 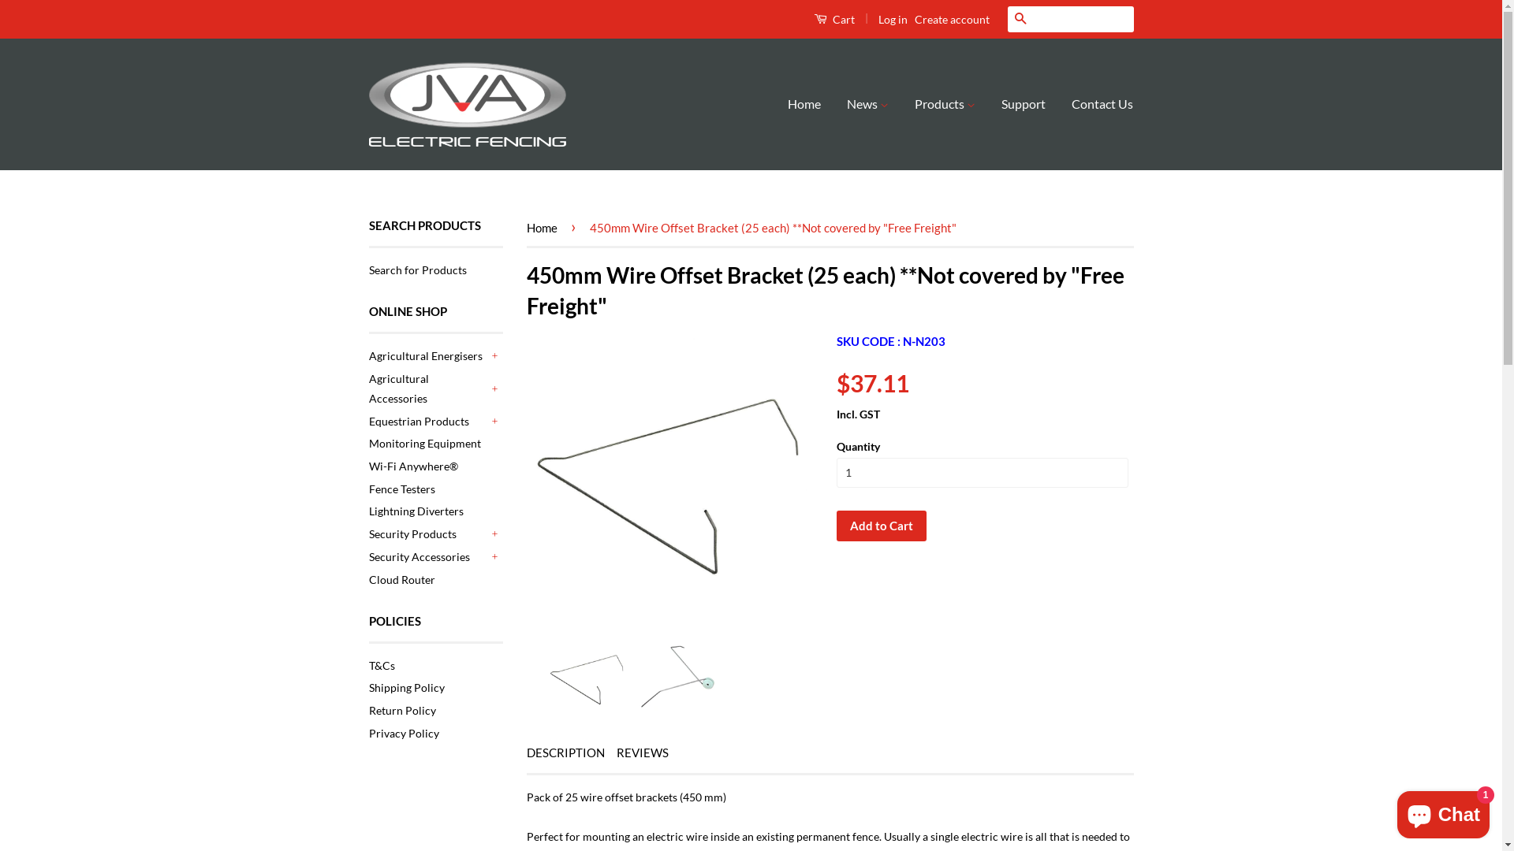 What do you see at coordinates (951, 19) in the screenshot?
I see `'Create account'` at bounding box center [951, 19].